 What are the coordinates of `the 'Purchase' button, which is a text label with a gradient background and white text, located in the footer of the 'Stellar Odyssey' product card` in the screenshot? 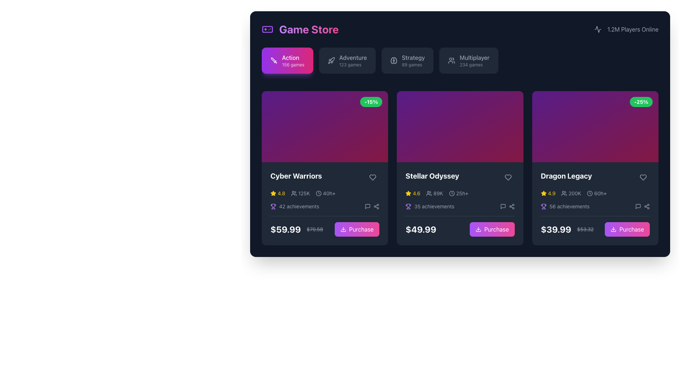 It's located at (496, 229).